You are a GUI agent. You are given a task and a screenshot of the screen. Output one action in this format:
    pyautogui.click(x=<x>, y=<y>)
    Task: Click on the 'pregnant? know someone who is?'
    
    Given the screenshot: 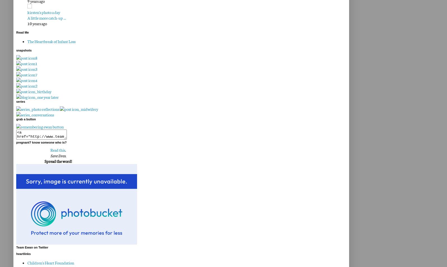 What is the action you would take?
    pyautogui.click(x=16, y=142)
    